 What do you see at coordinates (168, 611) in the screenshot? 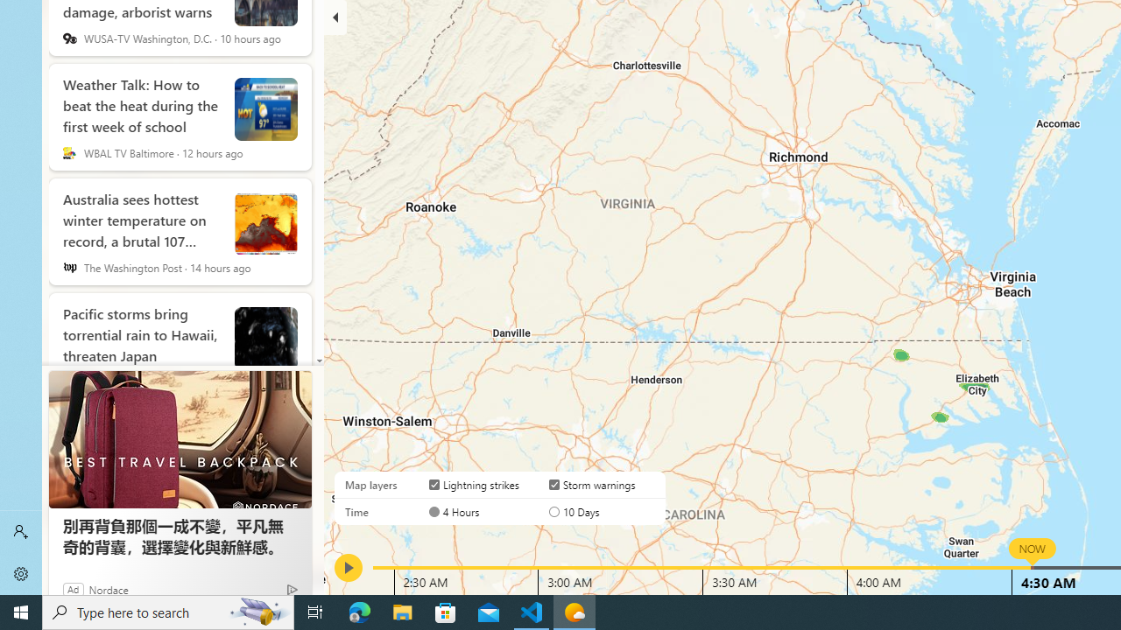
I see `'Type here to search'` at bounding box center [168, 611].